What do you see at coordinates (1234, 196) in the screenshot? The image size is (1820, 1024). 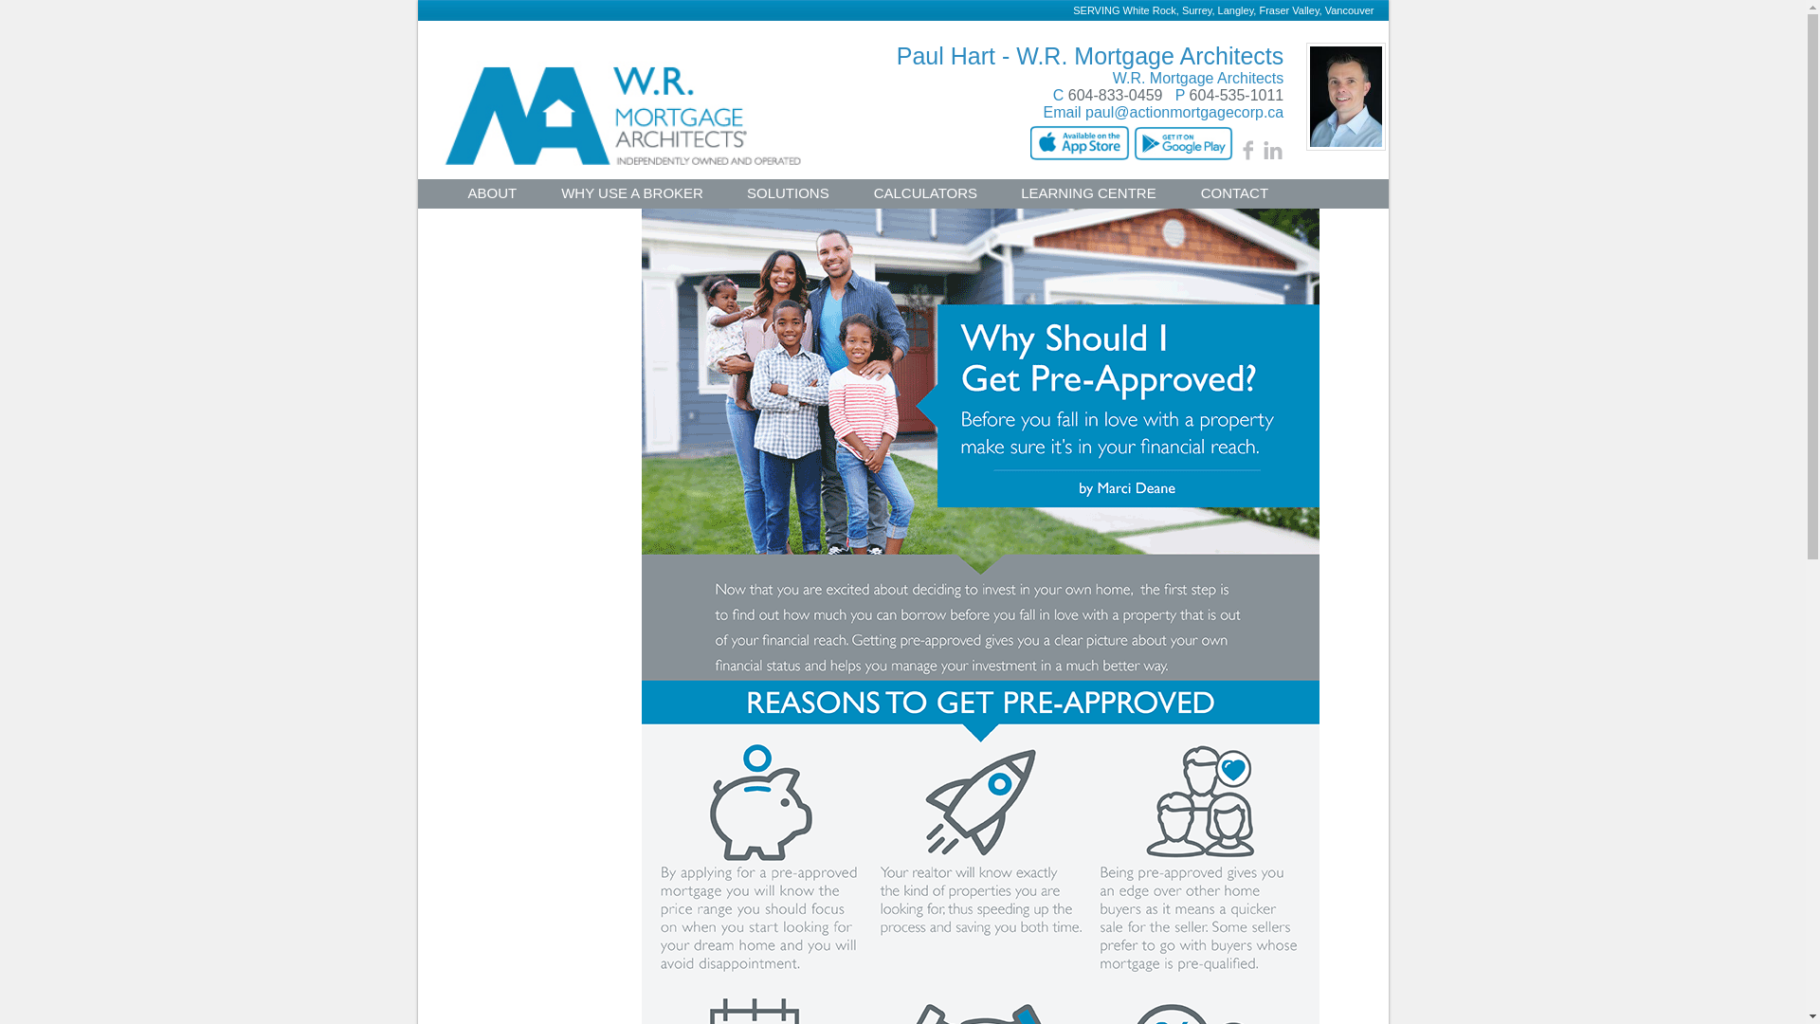 I see `'CONTACT'` at bounding box center [1234, 196].